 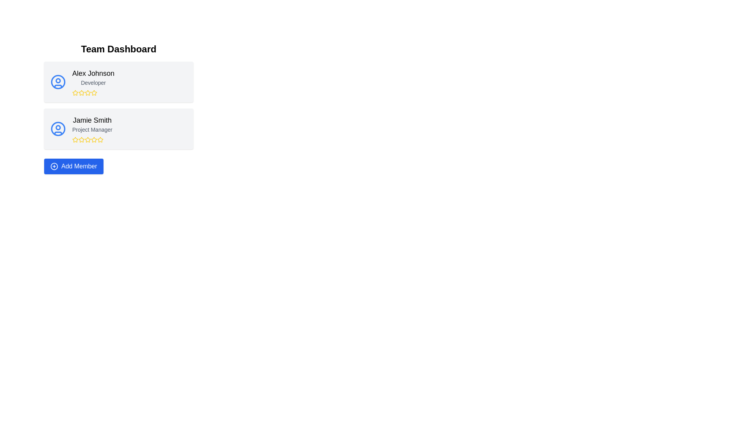 I want to click on the text label displaying the role or designation of the user 'Jamie Smith' located directly below the name within the card component in the second row of the team list, so click(x=92, y=129).